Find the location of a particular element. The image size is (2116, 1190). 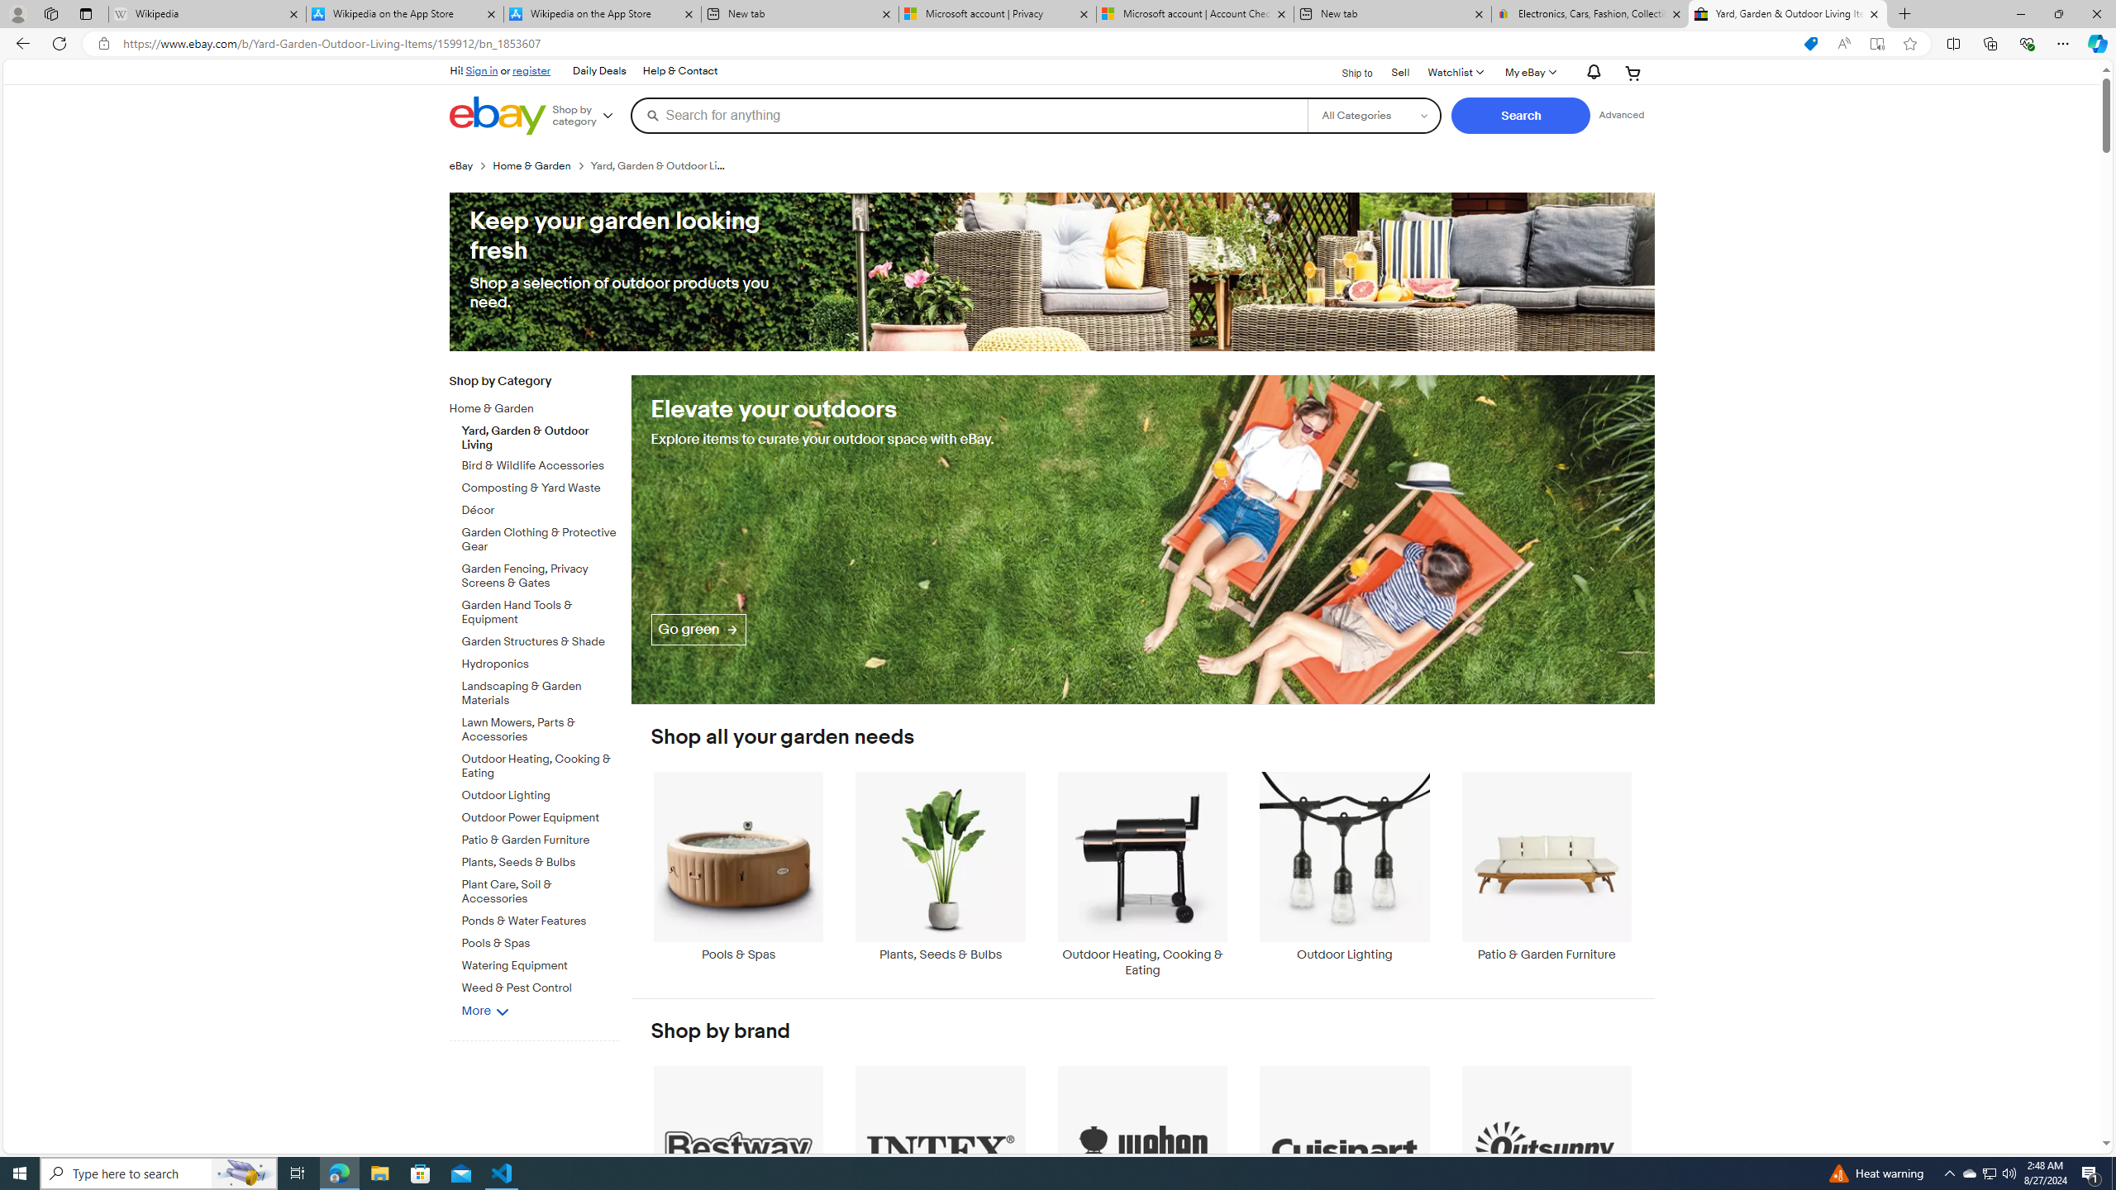

'Bird & Wildlife Accessories' is located at coordinates (540, 462).